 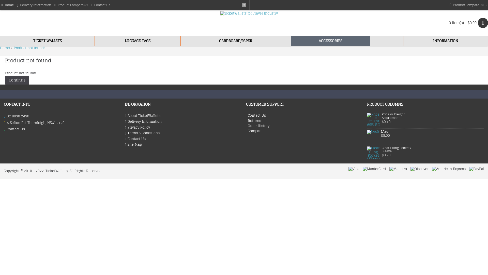 I want to click on 'Clear Filing Pocket / Sleeve', so click(x=373, y=153).